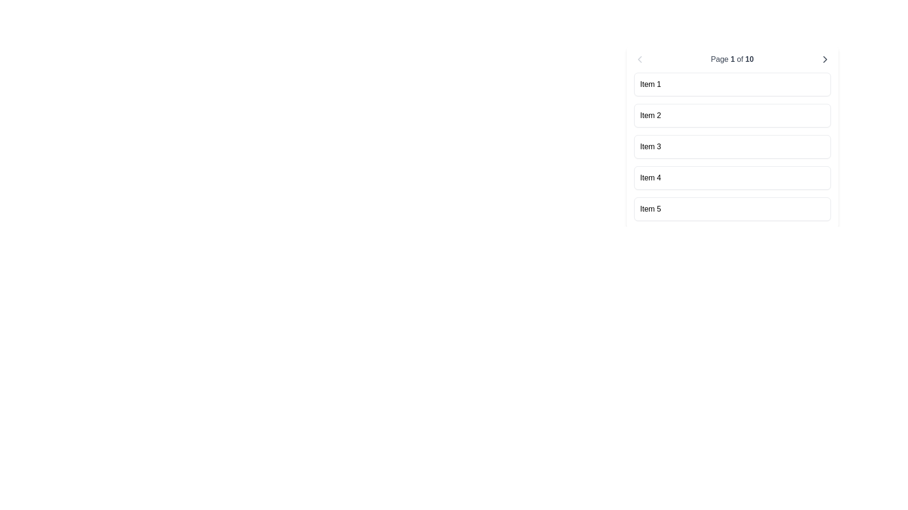 The image size is (908, 510). I want to click on the navigation button located in the top-right corner of the interface, adjacent to the 'Page 1 of 10' header, so click(824, 59).